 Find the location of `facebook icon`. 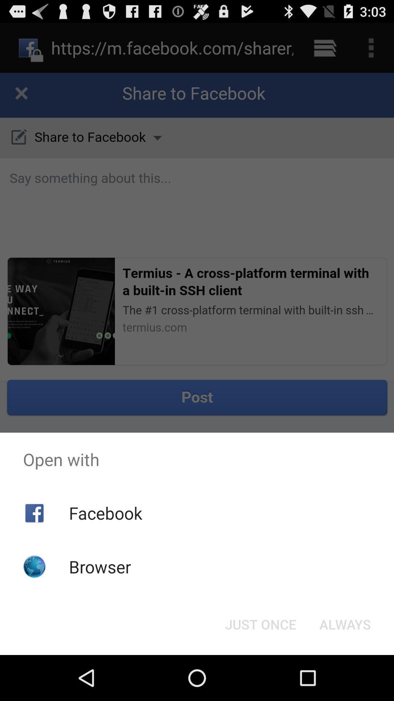

facebook icon is located at coordinates (105, 513).